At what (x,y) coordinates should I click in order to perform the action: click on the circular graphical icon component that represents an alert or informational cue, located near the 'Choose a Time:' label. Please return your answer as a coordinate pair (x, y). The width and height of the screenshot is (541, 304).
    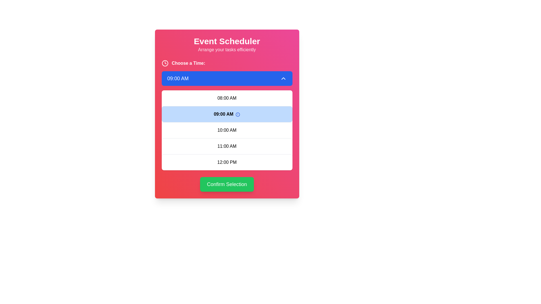
    Looking at the image, I should click on (238, 114).